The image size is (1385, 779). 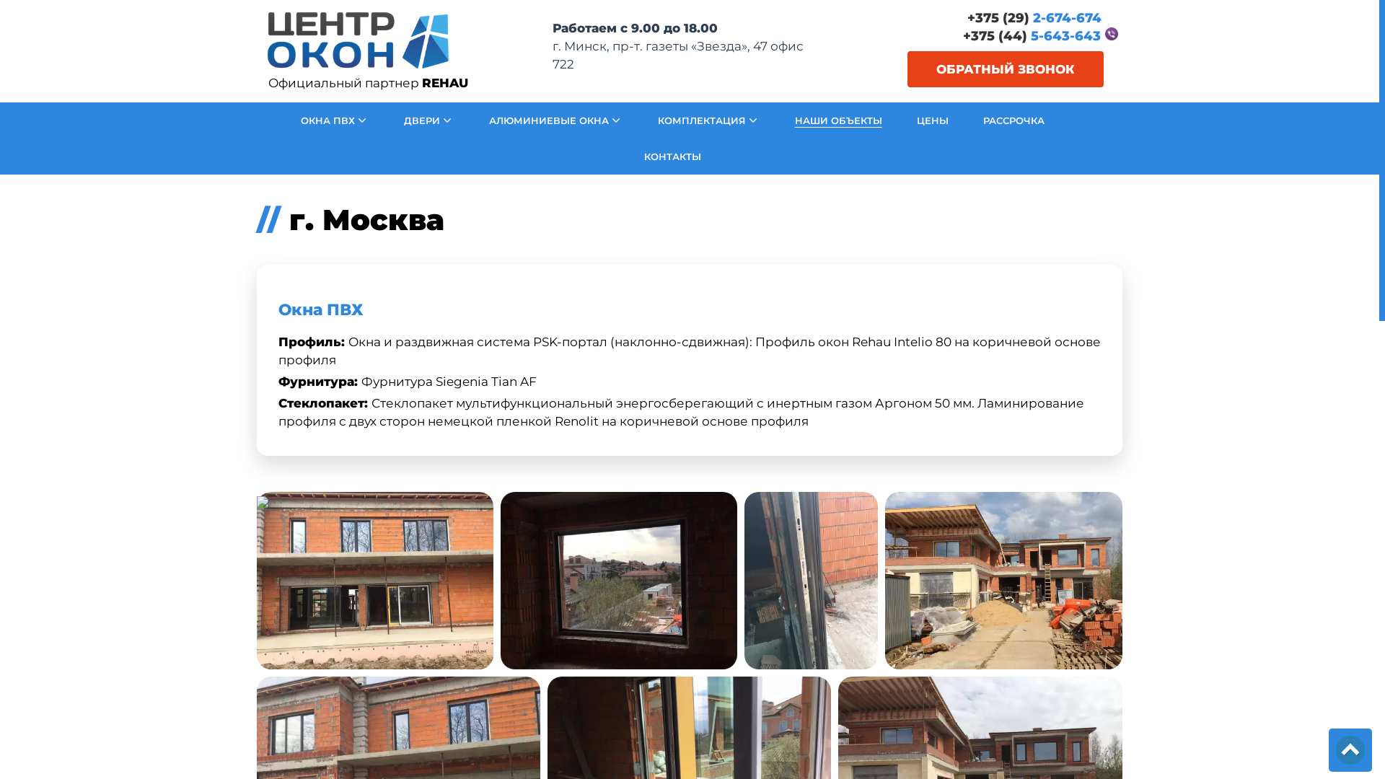 What do you see at coordinates (1034, 18) in the screenshot?
I see `'+375 (29) 2-674-674'` at bounding box center [1034, 18].